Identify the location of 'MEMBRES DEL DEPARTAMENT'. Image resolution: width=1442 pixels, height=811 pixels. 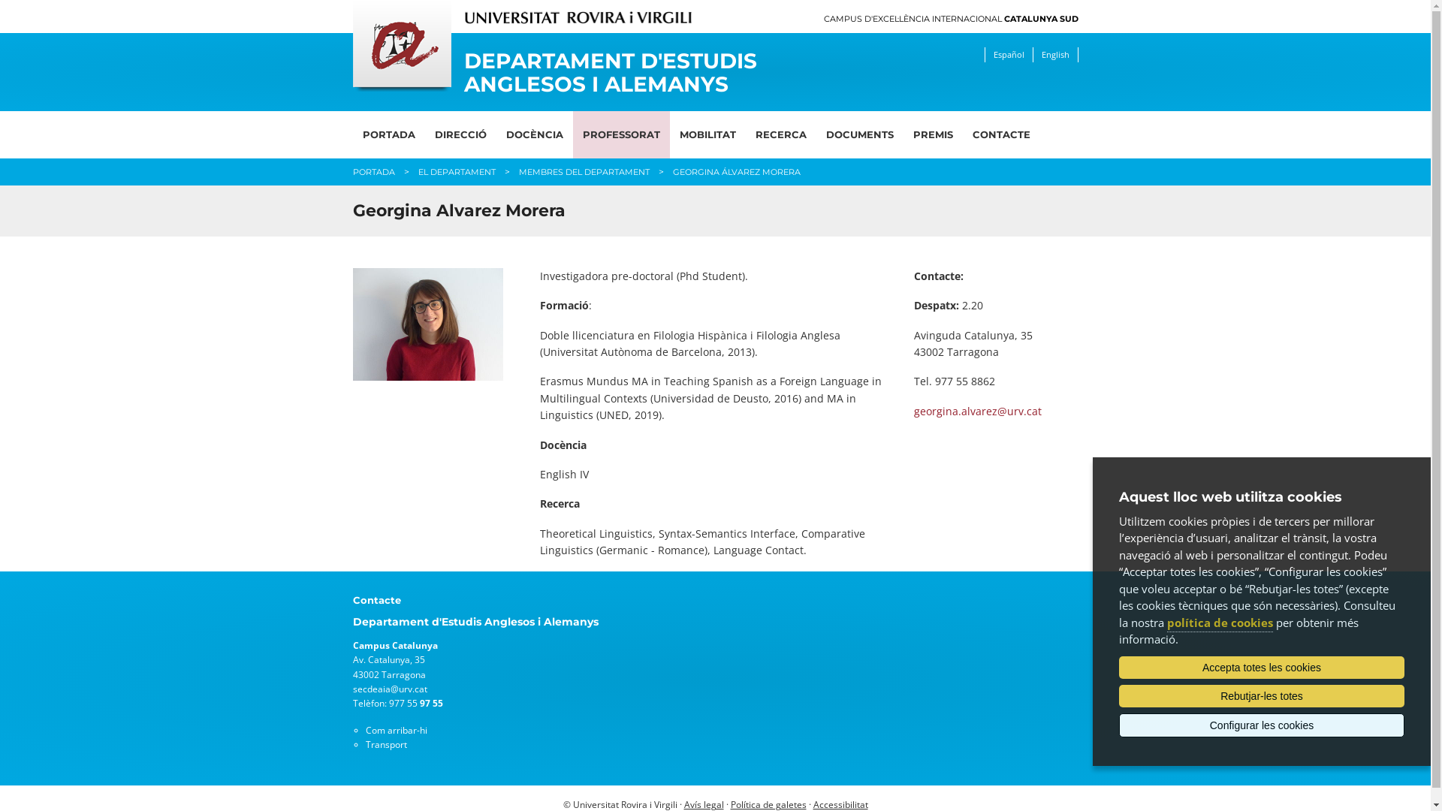
(518, 170).